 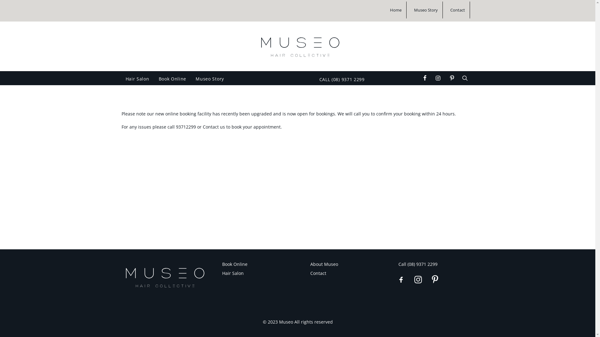 What do you see at coordinates (232, 273) in the screenshot?
I see `'Hair Salon'` at bounding box center [232, 273].